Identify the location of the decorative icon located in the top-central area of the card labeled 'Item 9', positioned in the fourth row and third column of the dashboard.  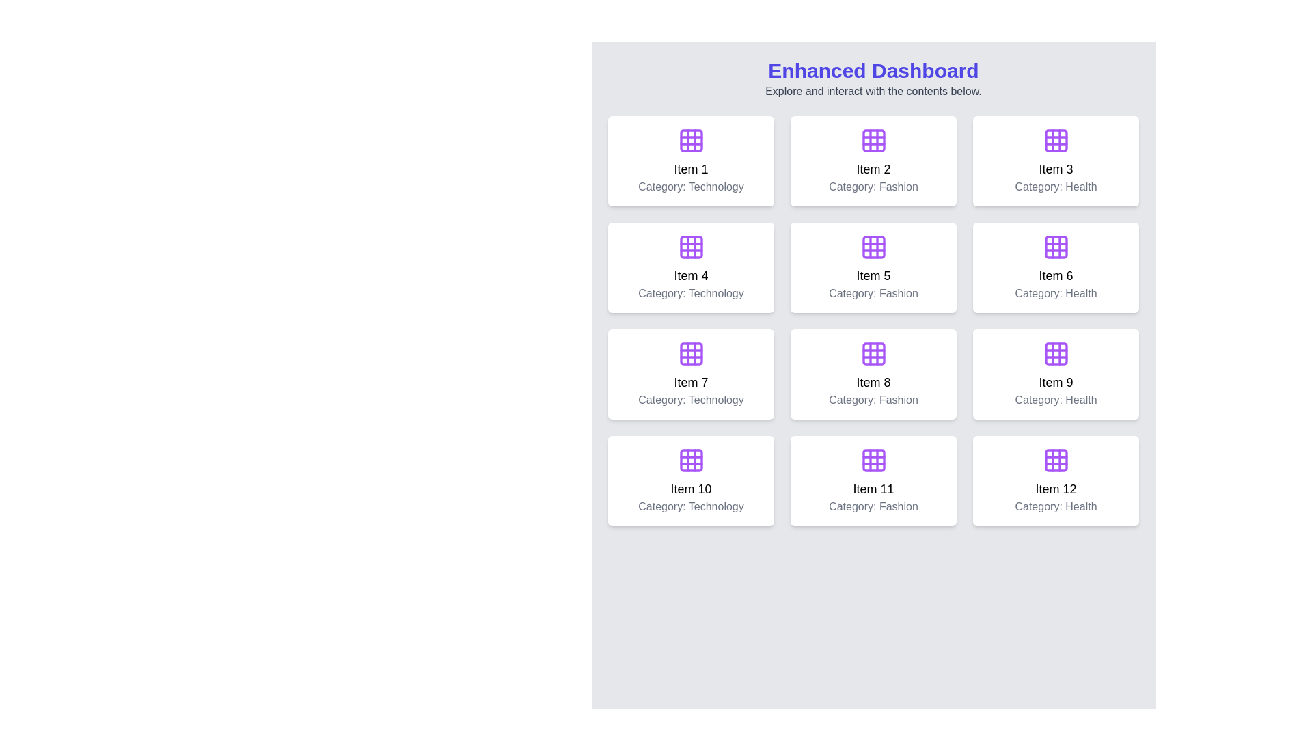
(1055, 353).